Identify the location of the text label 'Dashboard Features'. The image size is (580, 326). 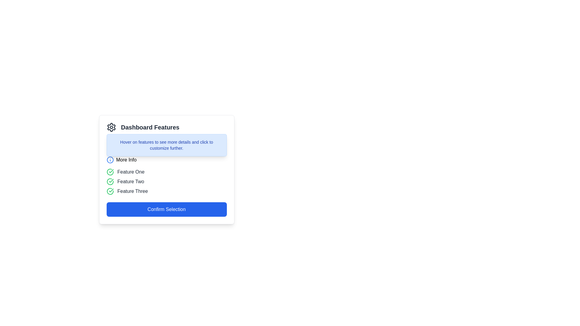
(150, 127).